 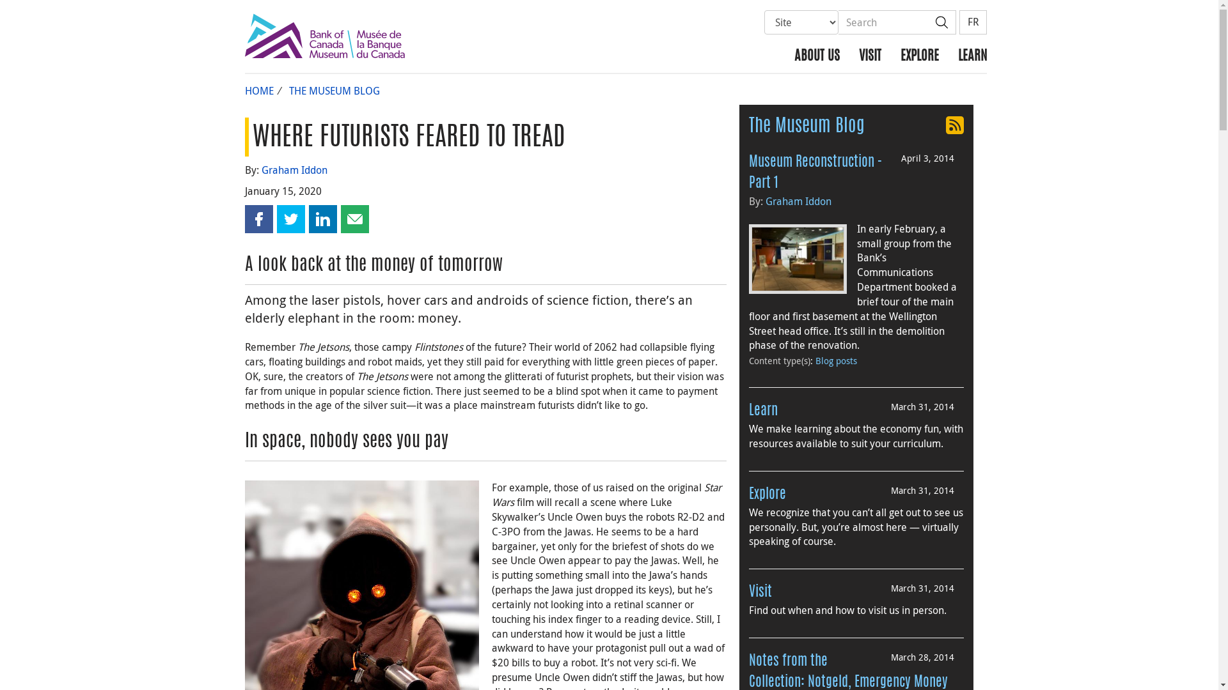 I want to click on 'Share this page on Twitter', so click(x=276, y=218).